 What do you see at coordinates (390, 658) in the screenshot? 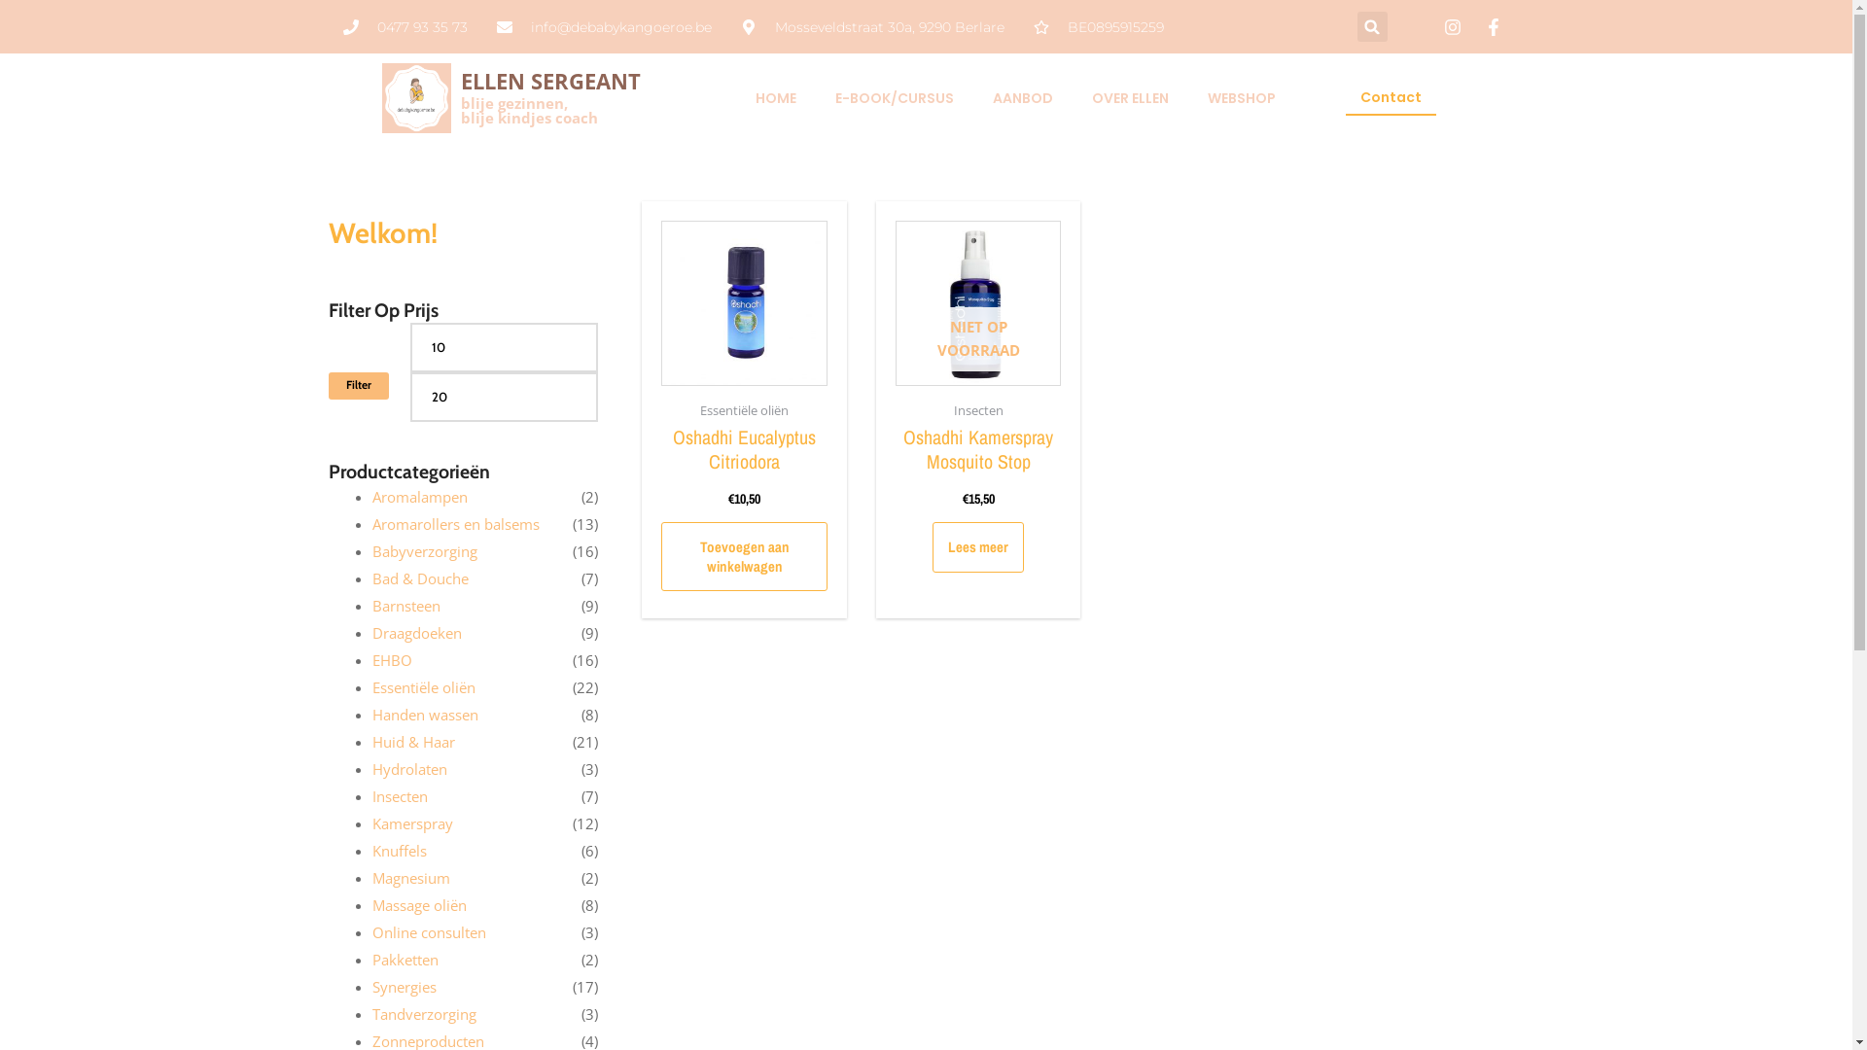
I see `'EHBO'` at bounding box center [390, 658].